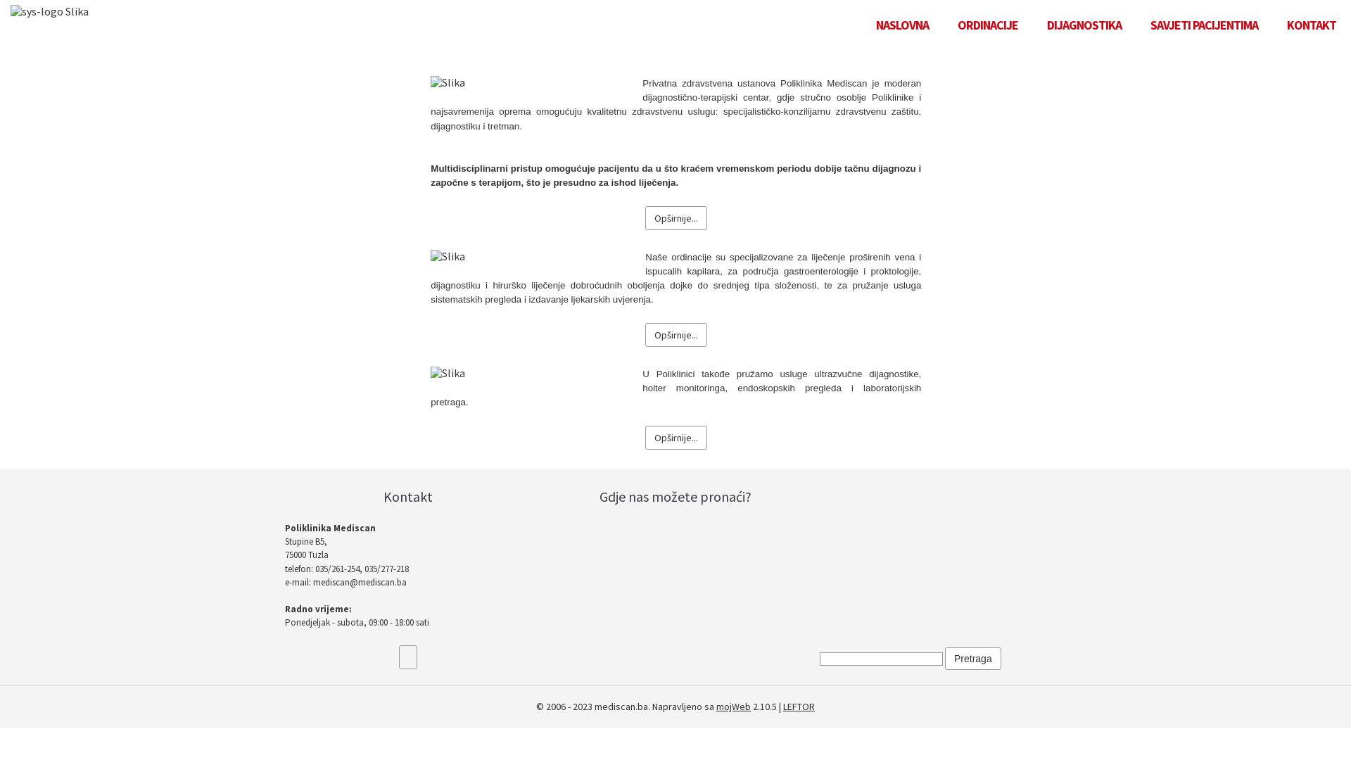 The image size is (1351, 760). What do you see at coordinates (1310, 25) in the screenshot?
I see `'KONTAKT'` at bounding box center [1310, 25].